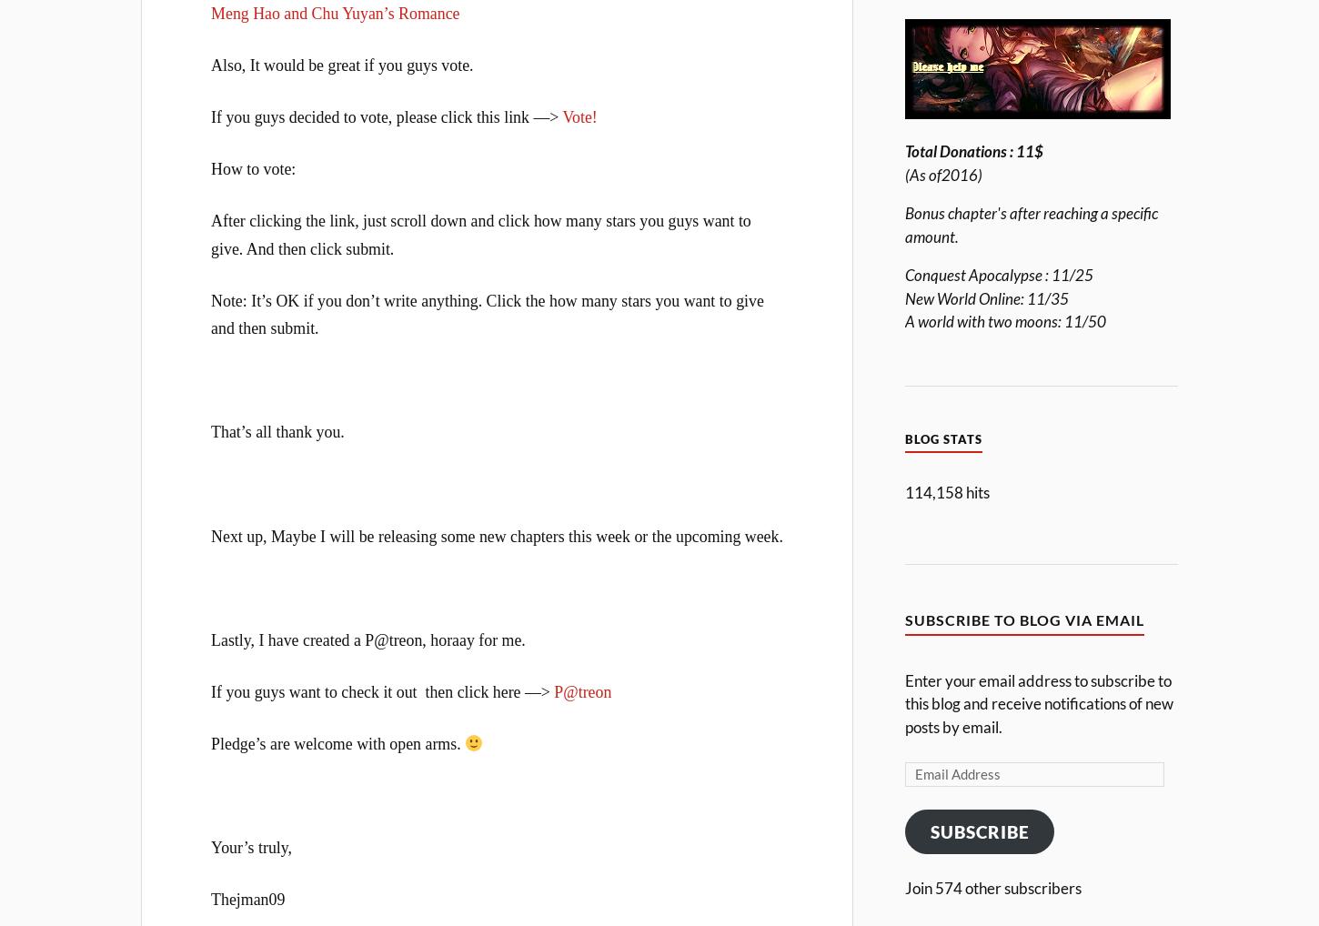  I want to click on 'Total Donations  : 11$', so click(973, 151).